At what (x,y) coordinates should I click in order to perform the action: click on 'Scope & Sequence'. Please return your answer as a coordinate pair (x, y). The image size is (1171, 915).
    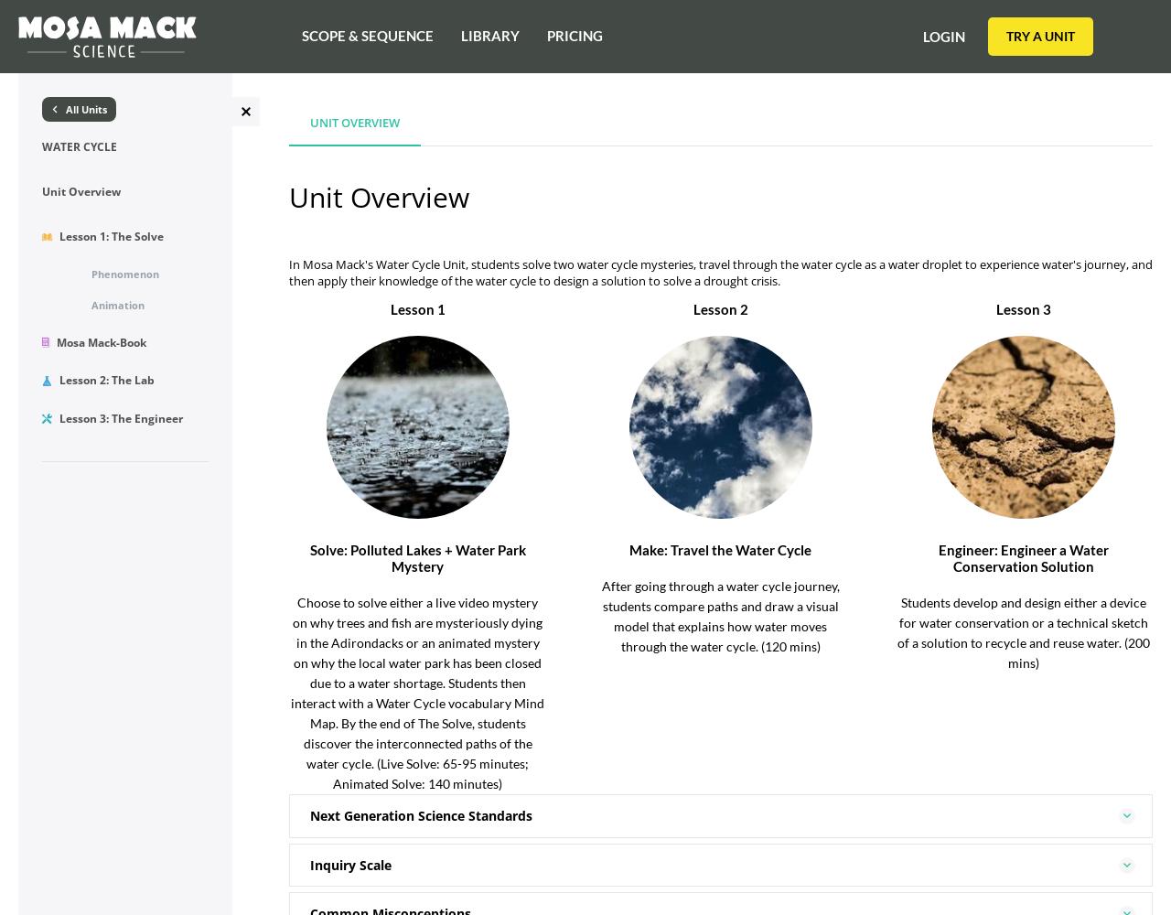
    Looking at the image, I should click on (367, 36).